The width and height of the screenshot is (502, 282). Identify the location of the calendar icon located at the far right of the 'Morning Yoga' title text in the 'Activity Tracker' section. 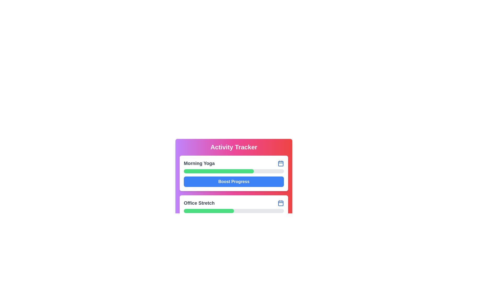
(281, 163).